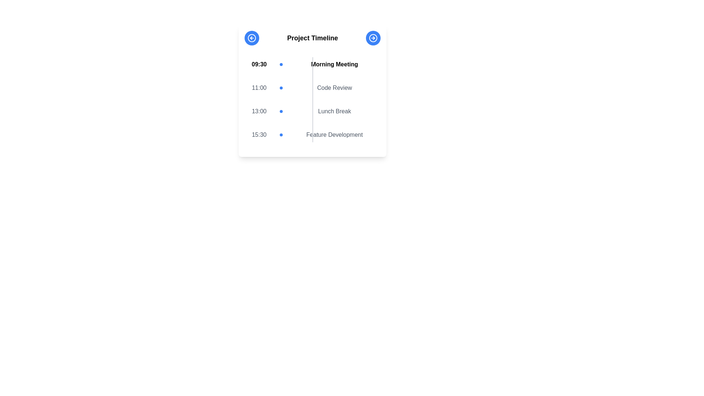 This screenshot has width=704, height=396. What do you see at coordinates (312, 87) in the screenshot?
I see `time and description of the second entry in the timeline event display, located between '09:30 Morning Meeting' and '13:00 Lunch Break'` at bounding box center [312, 87].